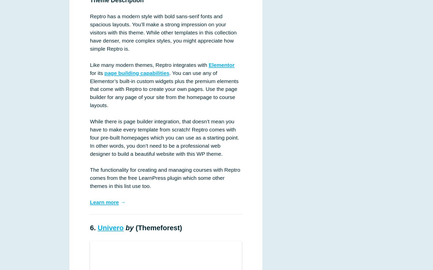 This screenshot has height=270, width=433. Describe the element at coordinates (164, 89) in the screenshot. I see `'. You can use any of Elementor’s built-in custom widgets plus the premium elements that come with Reptro to create your own pages. Use the page builder for any page of your site from the homepage to course layouts.'` at that location.